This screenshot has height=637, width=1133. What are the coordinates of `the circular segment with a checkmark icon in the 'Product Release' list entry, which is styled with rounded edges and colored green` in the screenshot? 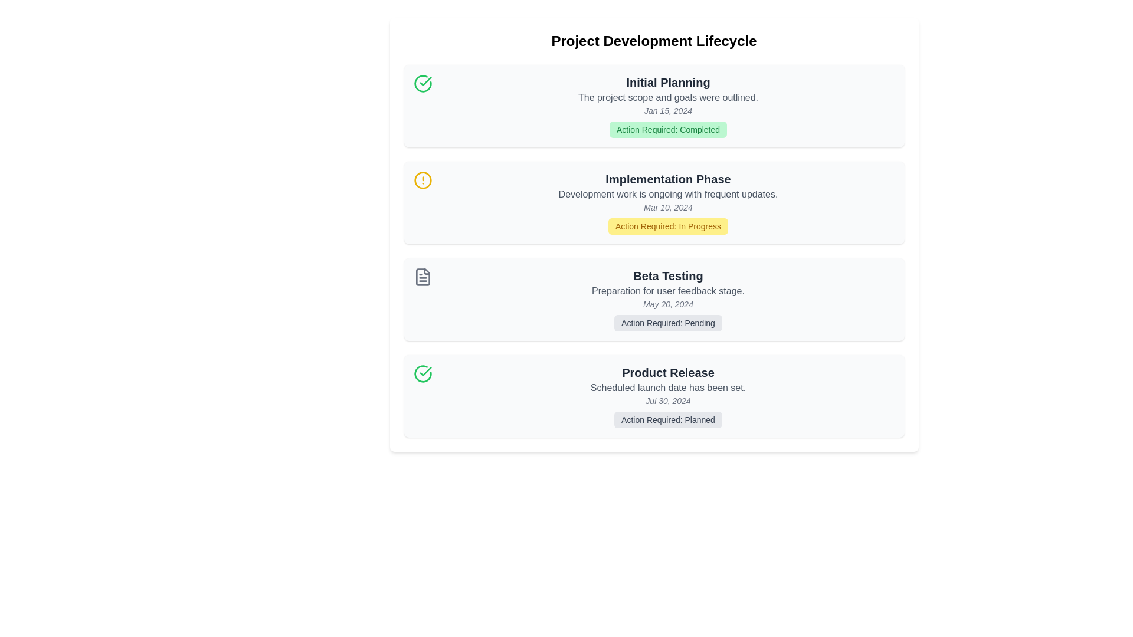 It's located at (423, 373).